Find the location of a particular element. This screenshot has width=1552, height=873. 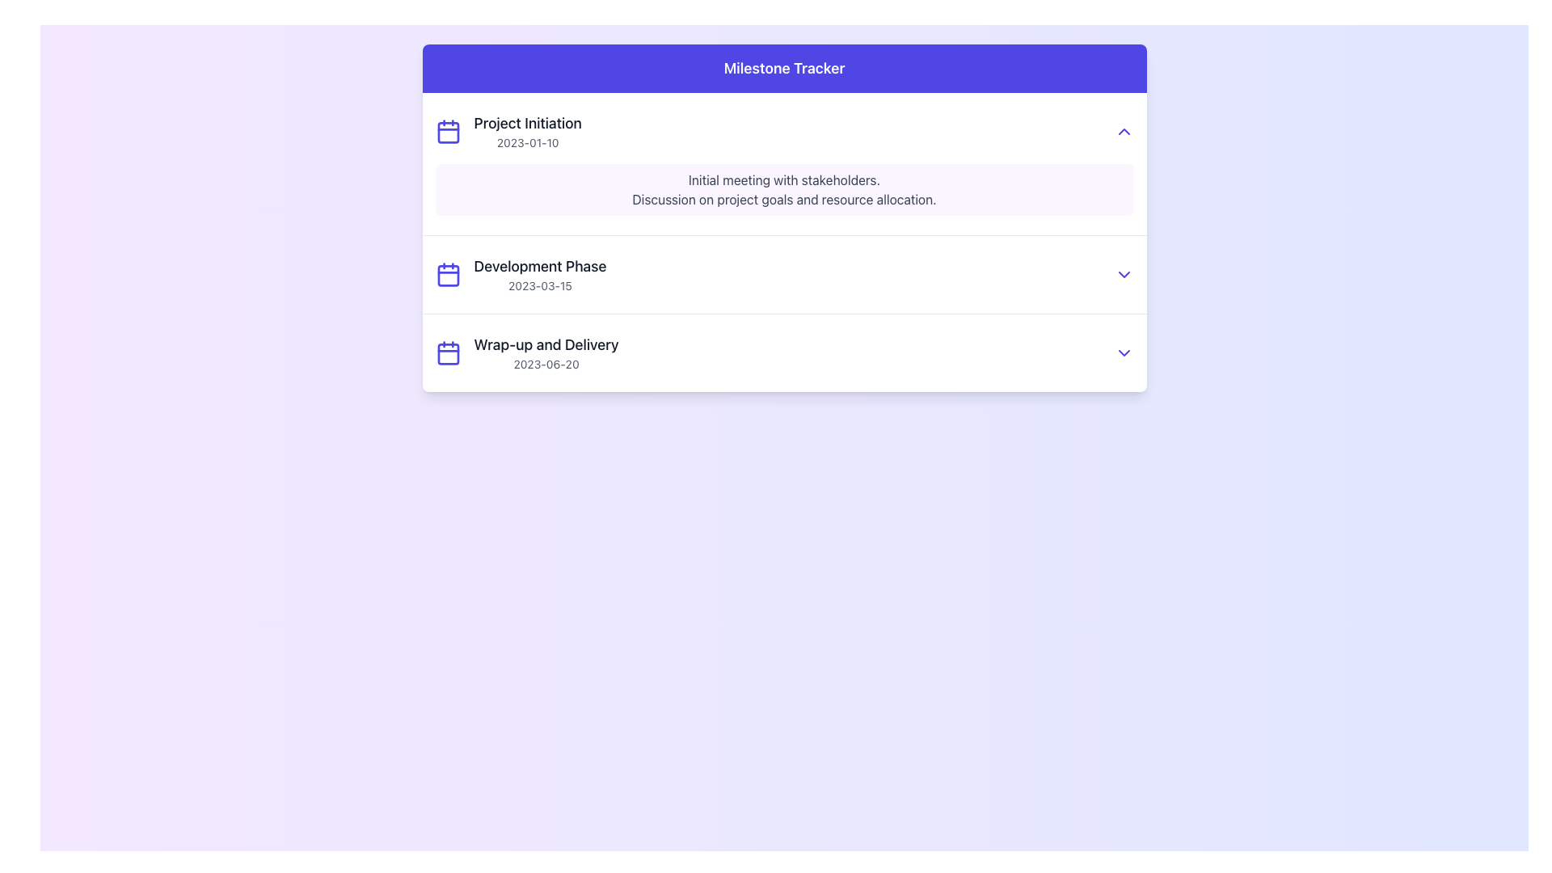

the informational text label that provides details about the discussion topic for the meeting, located below 'Initial meeting with stakeholders' in the 'Project Initiation' block of the milestone tracker is located at coordinates (784, 198).